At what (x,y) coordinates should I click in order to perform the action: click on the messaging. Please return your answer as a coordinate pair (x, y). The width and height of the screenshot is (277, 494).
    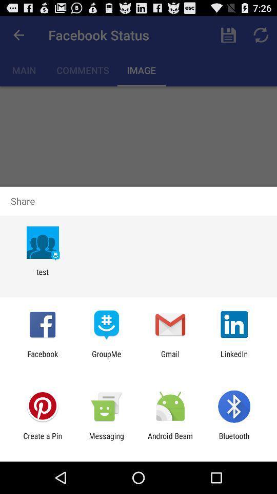
    Looking at the image, I should click on (106, 440).